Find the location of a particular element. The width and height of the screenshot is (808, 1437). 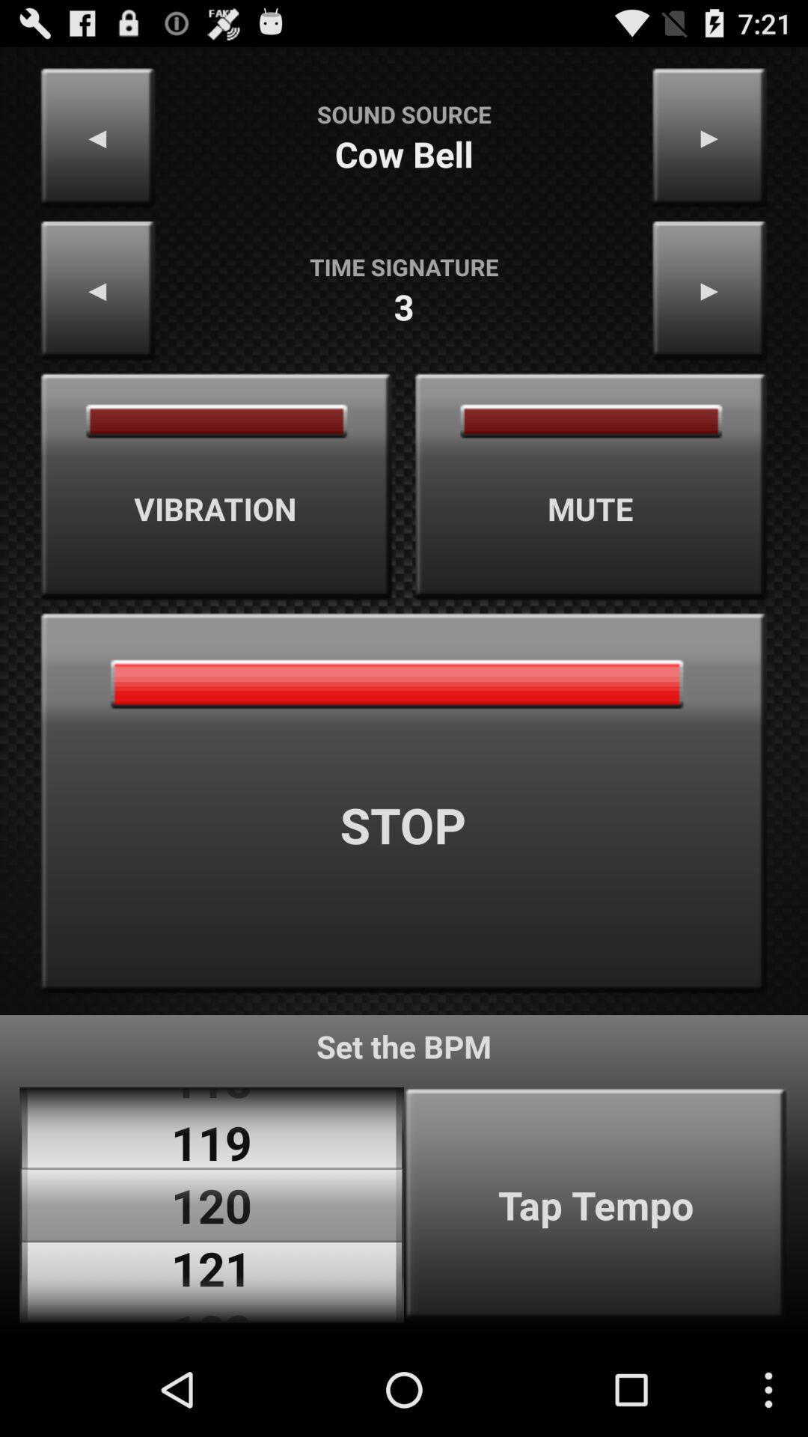

the vibration icon is located at coordinates (216, 486).